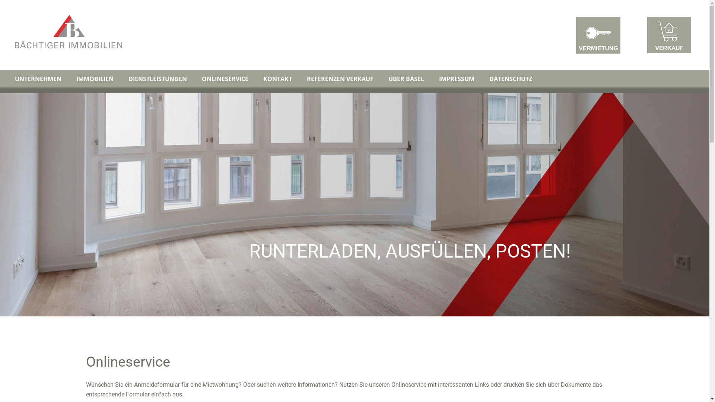 The height and width of the screenshot is (402, 715). Describe the element at coordinates (225, 79) in the screenshot. I see `'ONLINESERVICE'` at that location.